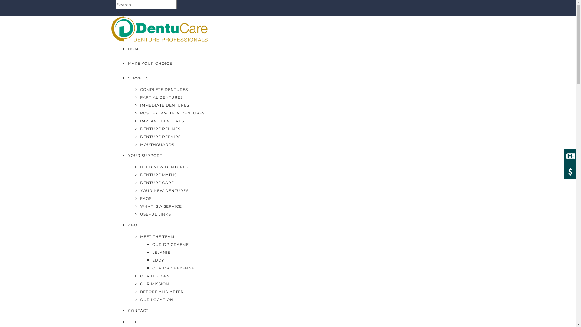 The width and height of the screenshot is (581, 327). Describe the element at coordinates (161, 291) in the screenshot. I see `'BEFORE AND AFTER'` at that location.